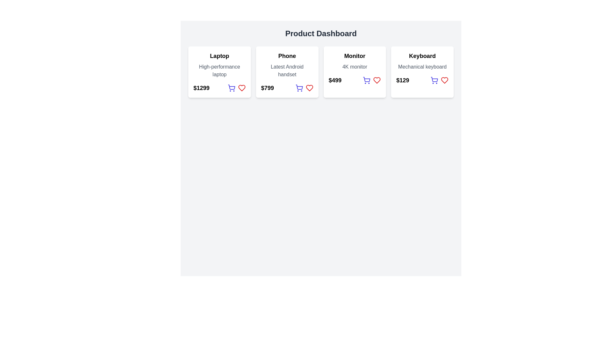 This screenshot has width=616, height=346. I want to click on the heart icon representing the favorite function in the Phone product card, so click(309, 88).